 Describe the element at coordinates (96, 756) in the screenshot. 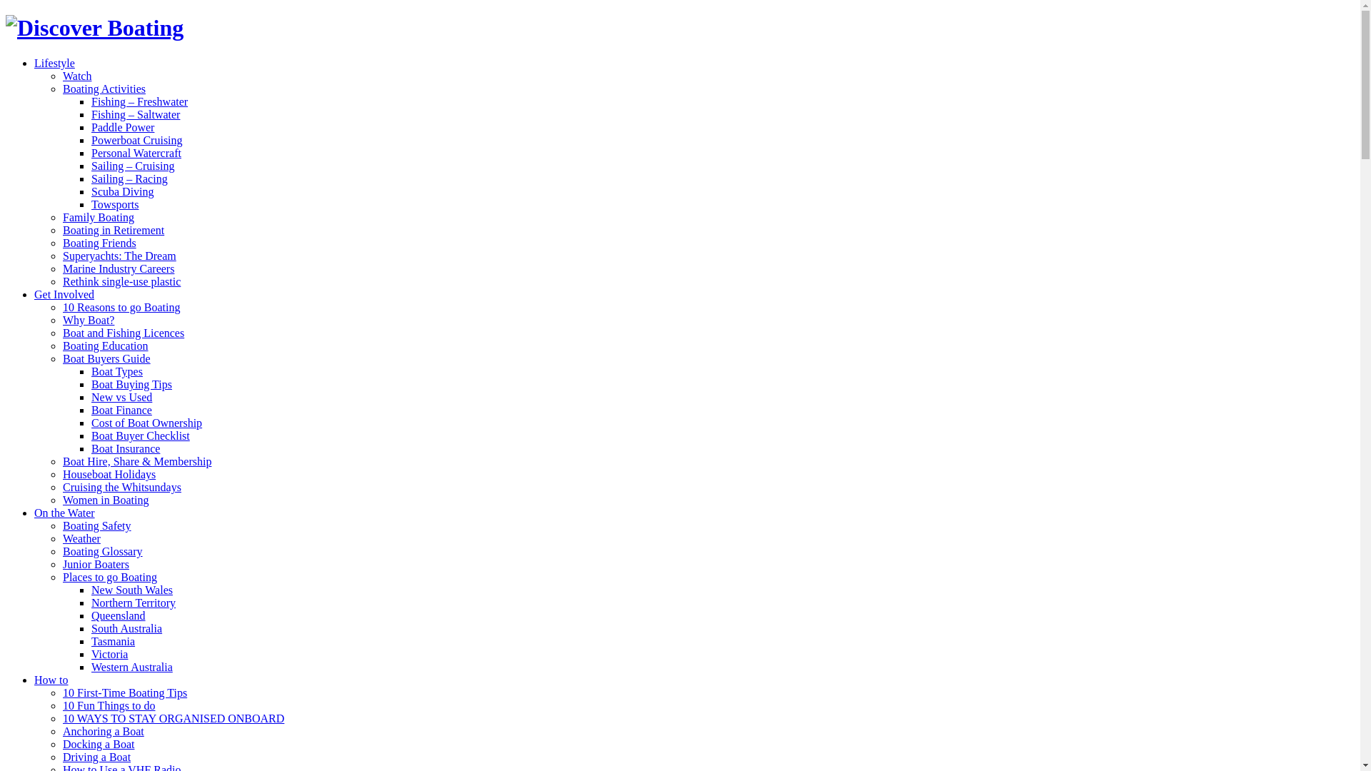

I see `'Driving a Boat'` at that location.